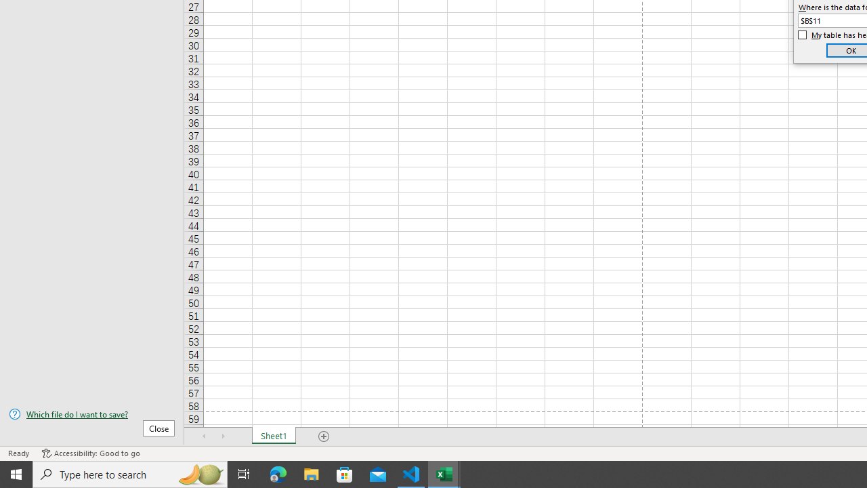 This screenshot has width=867, height=488. I want to click on 'Which file do I want to save?', so click(91, 413).